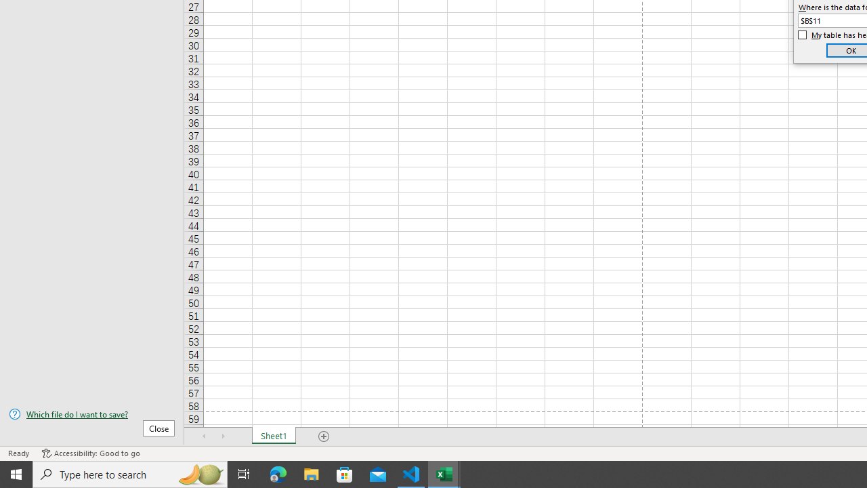 This screenshot has width=867, height=488. I want to click on 'Which file do I want to save?', so click(91, 413).